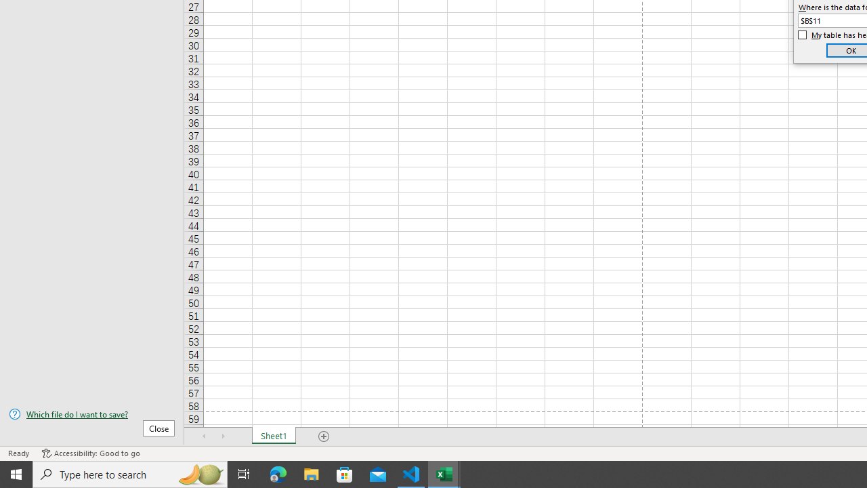 This screenshot has width=867, height=488. I want to click on 'Which file do I want to save?', so click(91, 413).